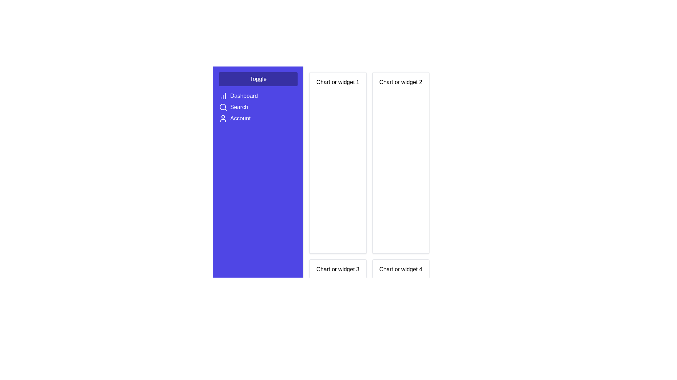  I want to click on the toggle button located at the top of the vertical sidebar, which is centered horizontally and positioned above the items labeled 'Dashboard', 'Search', and 'Account' to observe its hover effects, so click(258, 79).